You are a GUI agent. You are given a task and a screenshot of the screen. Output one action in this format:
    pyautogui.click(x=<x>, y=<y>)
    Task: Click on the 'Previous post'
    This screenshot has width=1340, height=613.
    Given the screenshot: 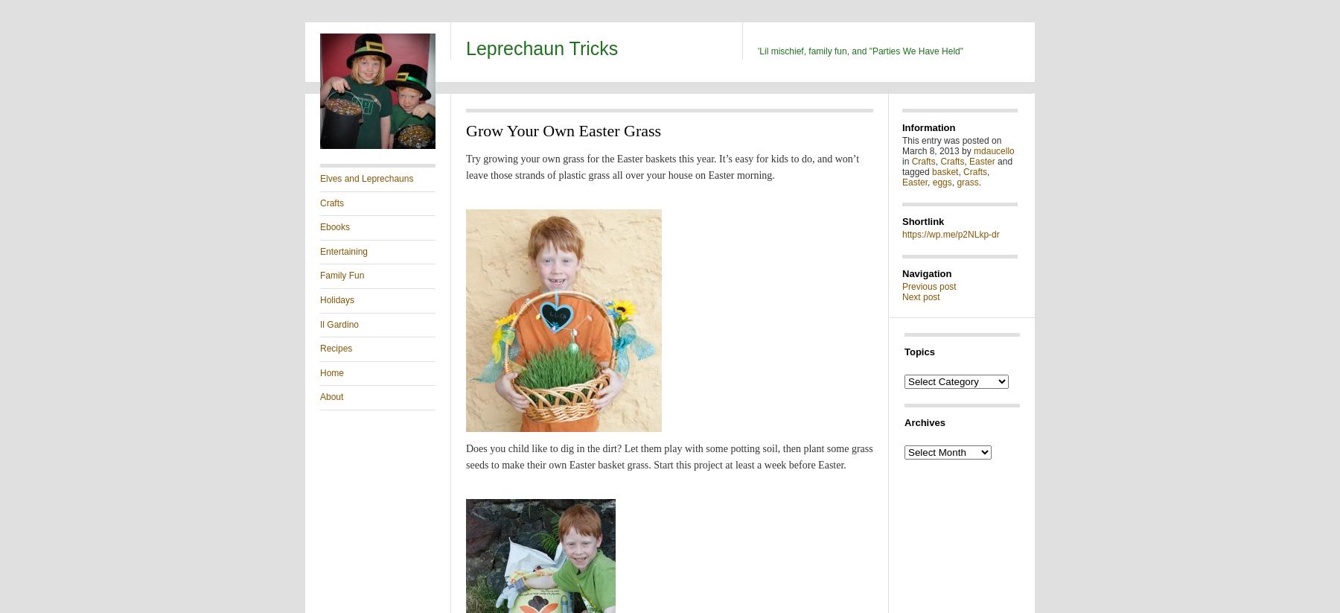 What is the action you would take?
    pyautogui.click(x=928, y=285)
    